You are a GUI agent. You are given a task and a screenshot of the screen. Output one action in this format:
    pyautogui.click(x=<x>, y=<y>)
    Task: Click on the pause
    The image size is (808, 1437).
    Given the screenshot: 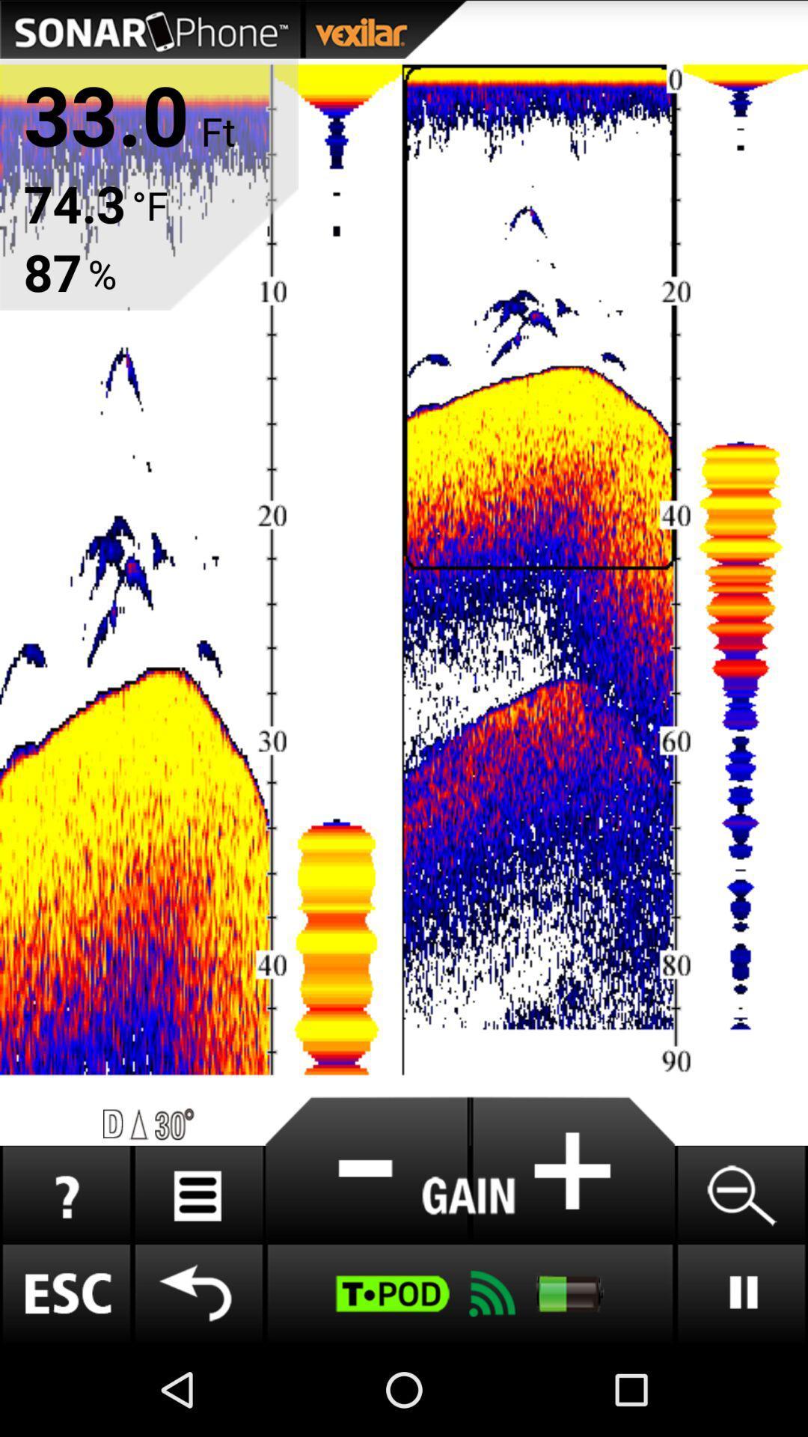 What is the action you would take?
    pyautogui.click(x=741, y=1293)
    